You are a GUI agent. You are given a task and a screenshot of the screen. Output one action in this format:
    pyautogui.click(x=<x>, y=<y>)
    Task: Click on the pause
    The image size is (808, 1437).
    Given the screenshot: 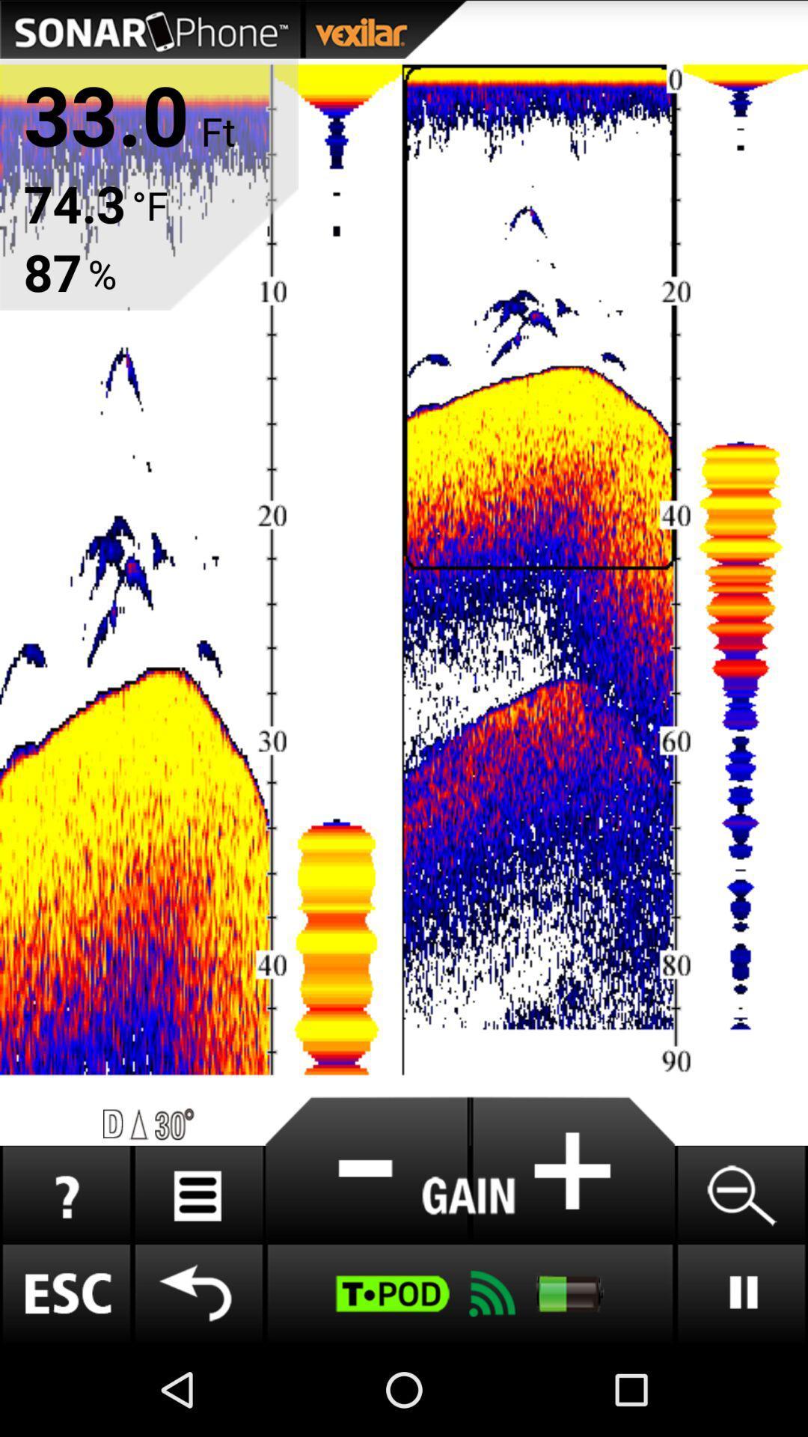 What is the action you would take?
    pyautogui.click(x=741, y=1293)
    